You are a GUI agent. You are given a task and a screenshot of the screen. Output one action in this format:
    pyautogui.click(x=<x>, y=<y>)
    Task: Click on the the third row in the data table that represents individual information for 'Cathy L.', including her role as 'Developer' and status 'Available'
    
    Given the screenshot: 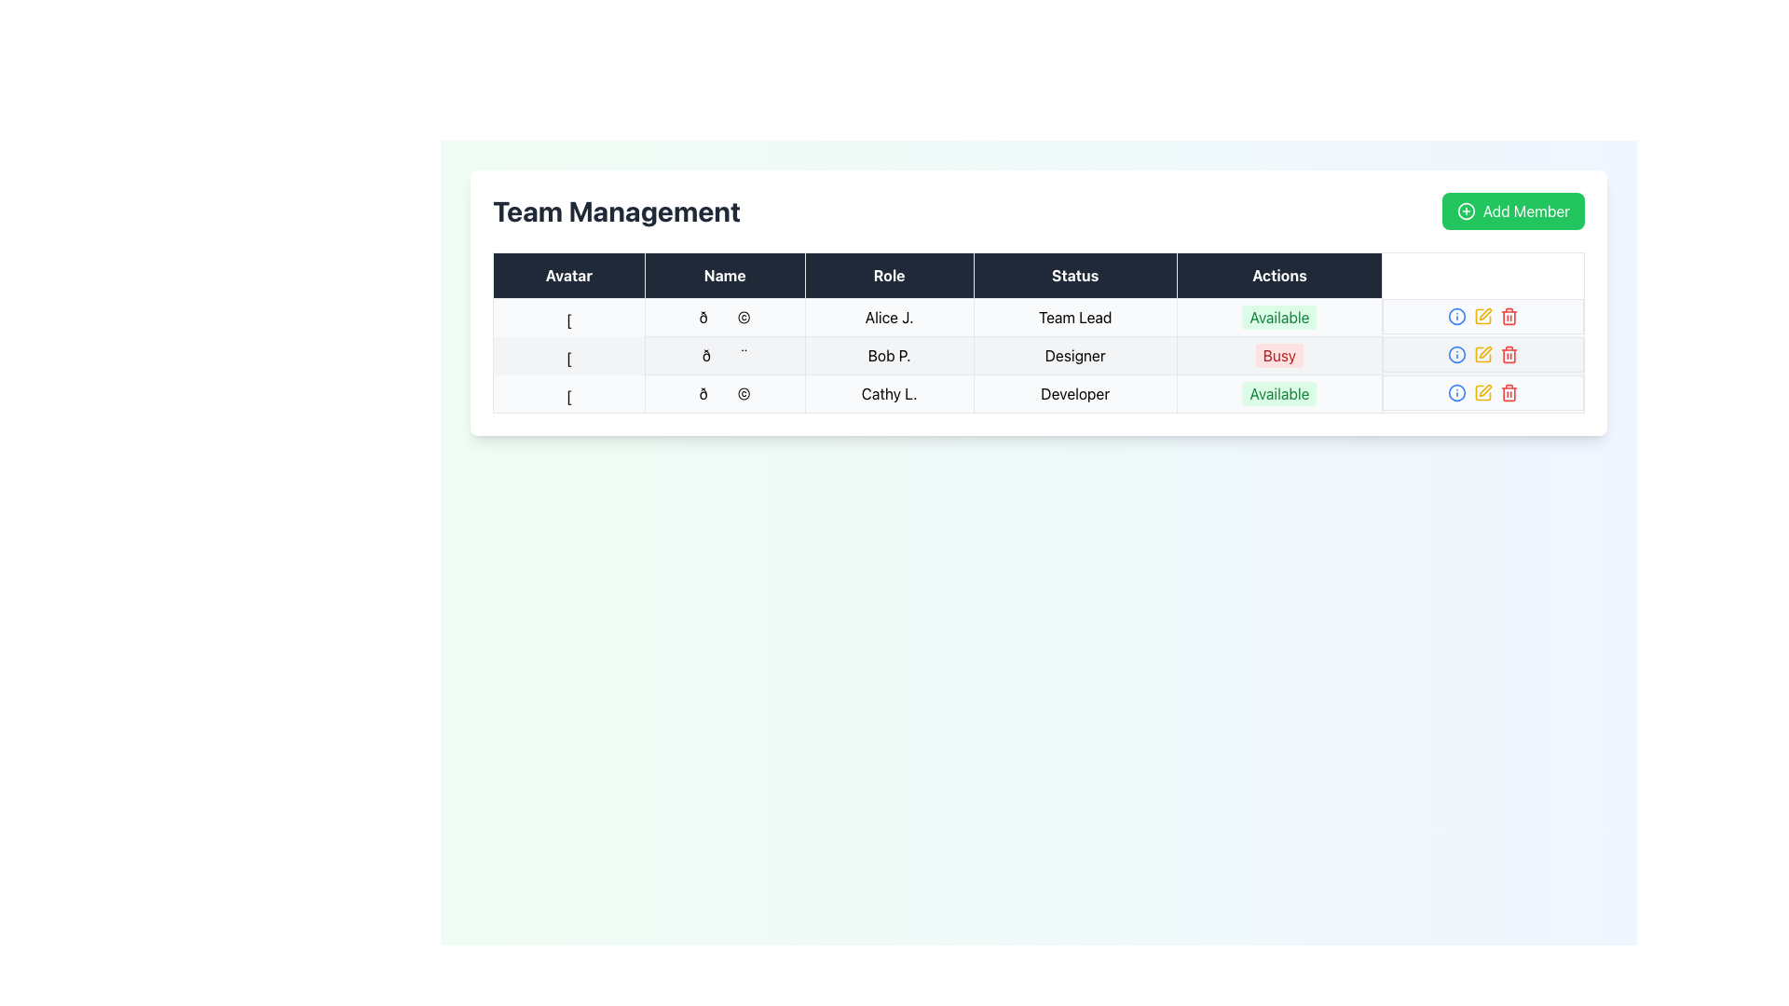 What is the action you would take?
    pyautogui.click(x=1037, y=393)
    